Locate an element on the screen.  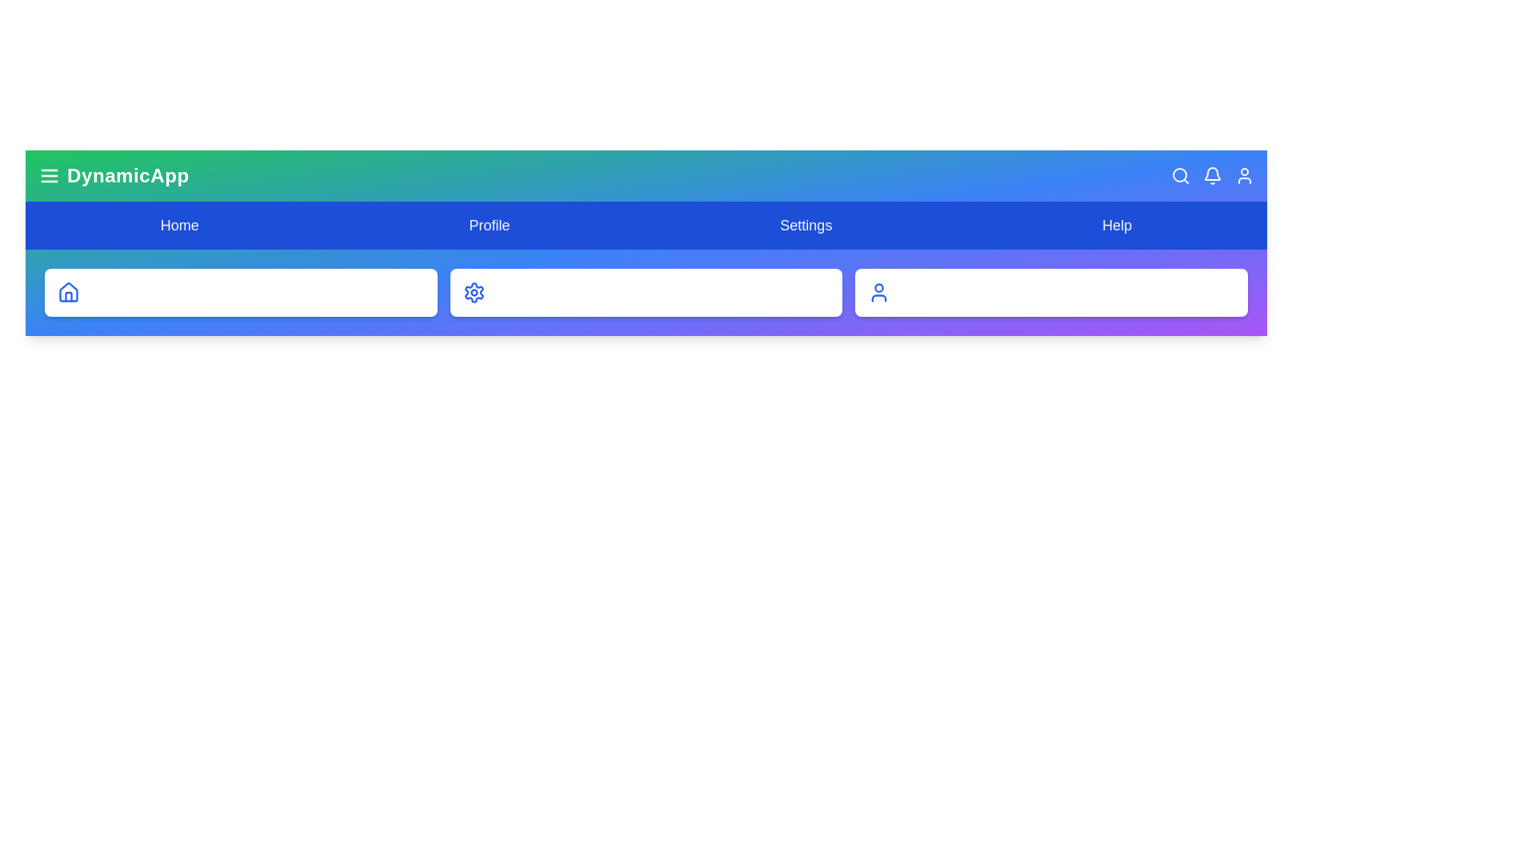
the Help navigation item to navigate to the corresponding section is located at coordinates (1116, 225).